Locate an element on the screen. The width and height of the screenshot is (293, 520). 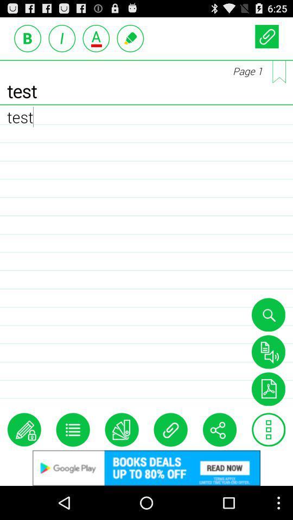
bookmark is located at coordinates (279, 71).